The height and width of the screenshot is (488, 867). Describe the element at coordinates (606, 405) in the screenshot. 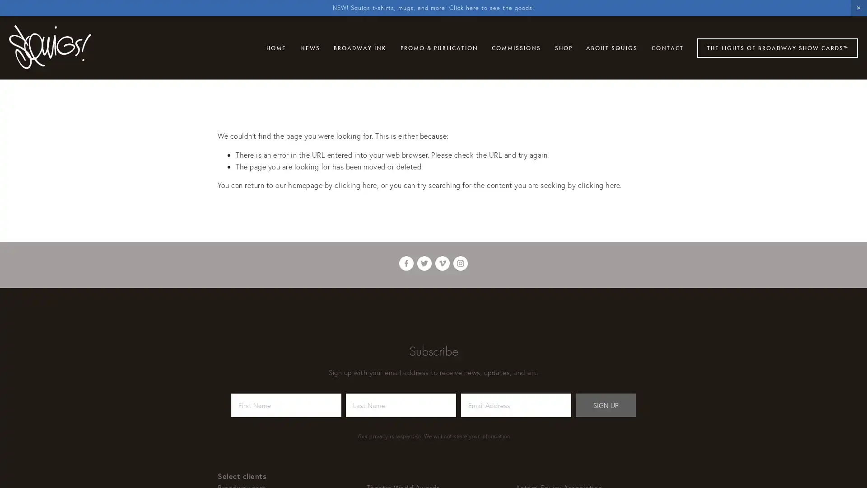

I see `SIGN UP` at that location.